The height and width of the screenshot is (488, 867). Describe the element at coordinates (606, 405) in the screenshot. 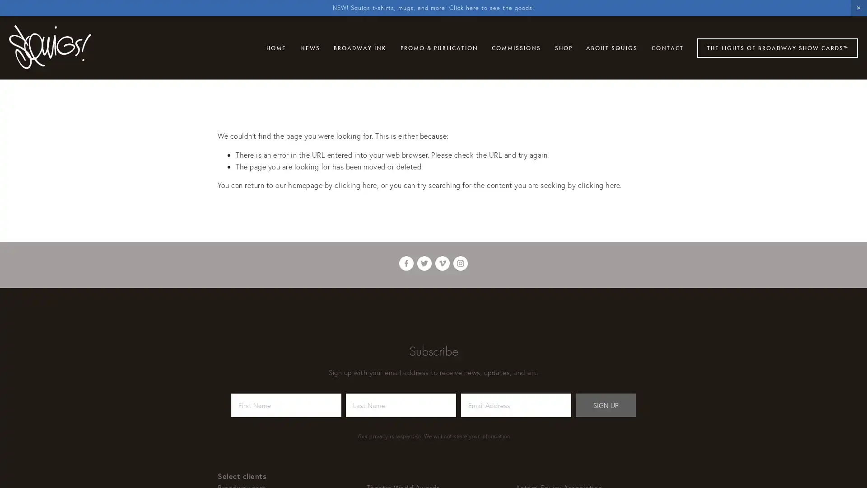

I see `SIGN UP` at that location.